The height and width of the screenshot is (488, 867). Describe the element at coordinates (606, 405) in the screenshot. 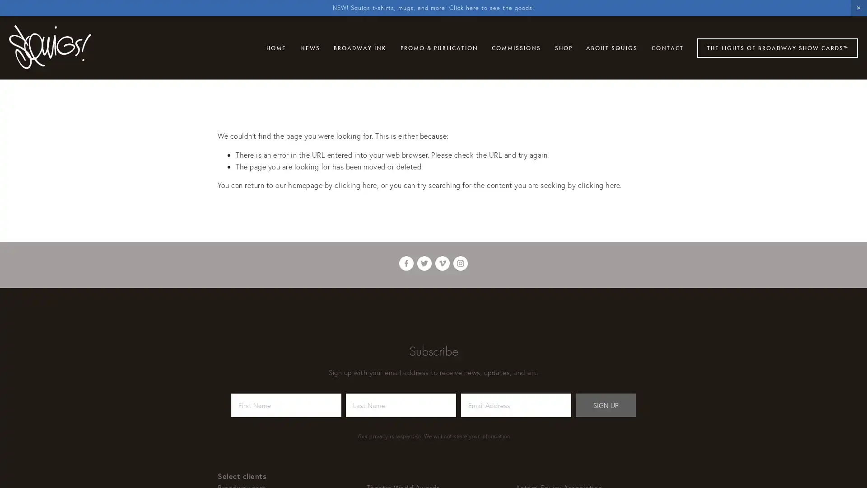

I see `SIGN UP` at that location.